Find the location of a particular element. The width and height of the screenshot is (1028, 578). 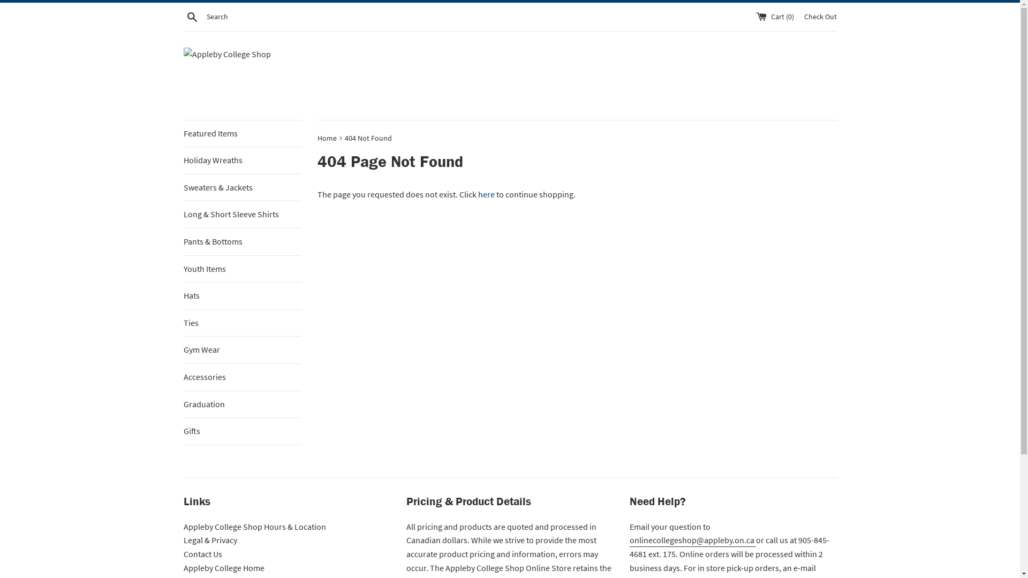

'Ties' is located at coordinates (241, 323).